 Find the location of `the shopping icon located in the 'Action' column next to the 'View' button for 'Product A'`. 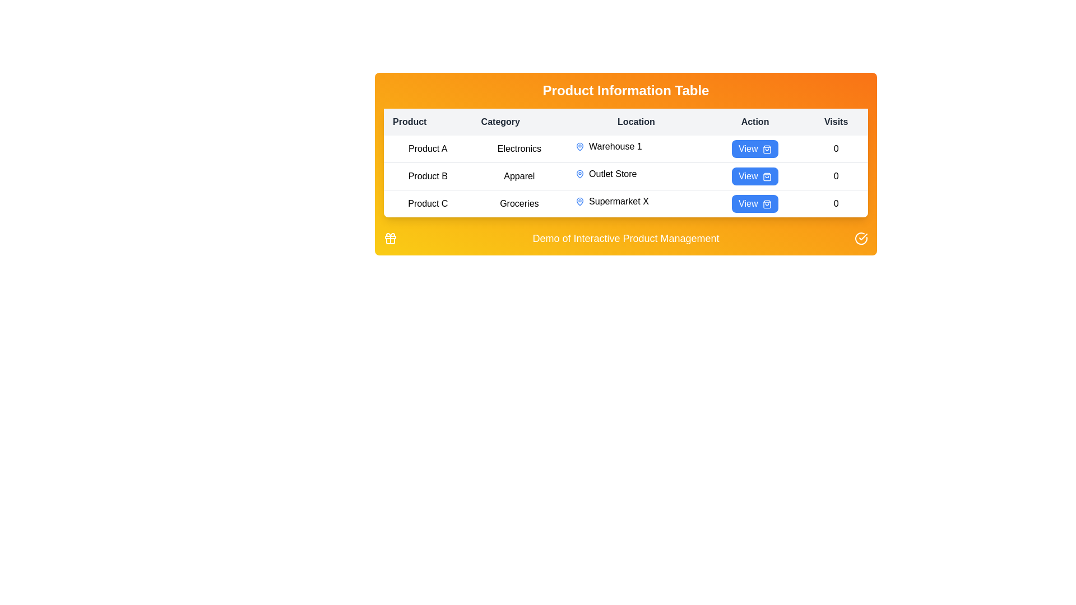

the shopping icon located in the 'Action' column next to the 'View' button for 'Product A' is located at coordinates (766, 148).